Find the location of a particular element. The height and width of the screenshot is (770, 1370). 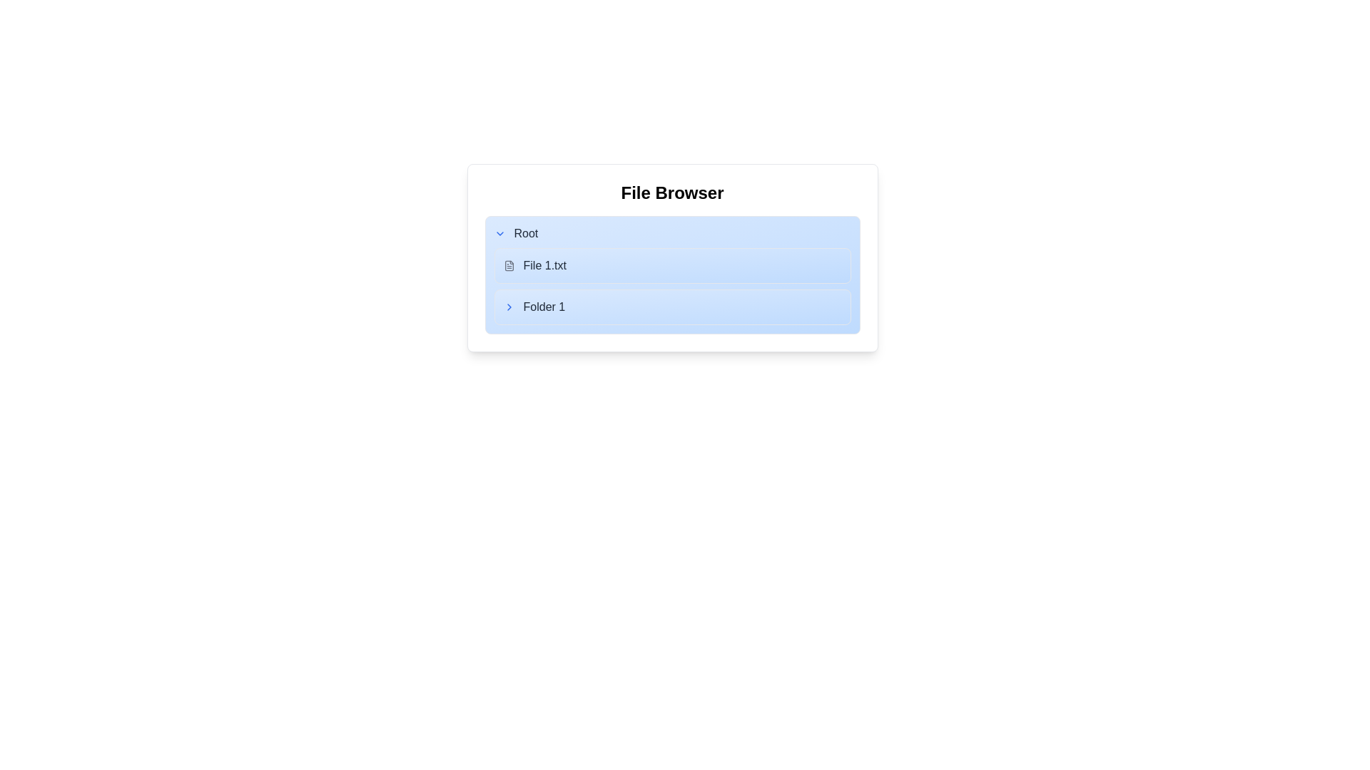

the text label for 'File 1.txt' located in the leftmost column of the file browser, just above 'Folder 1' is located at coordinates (534, 266).